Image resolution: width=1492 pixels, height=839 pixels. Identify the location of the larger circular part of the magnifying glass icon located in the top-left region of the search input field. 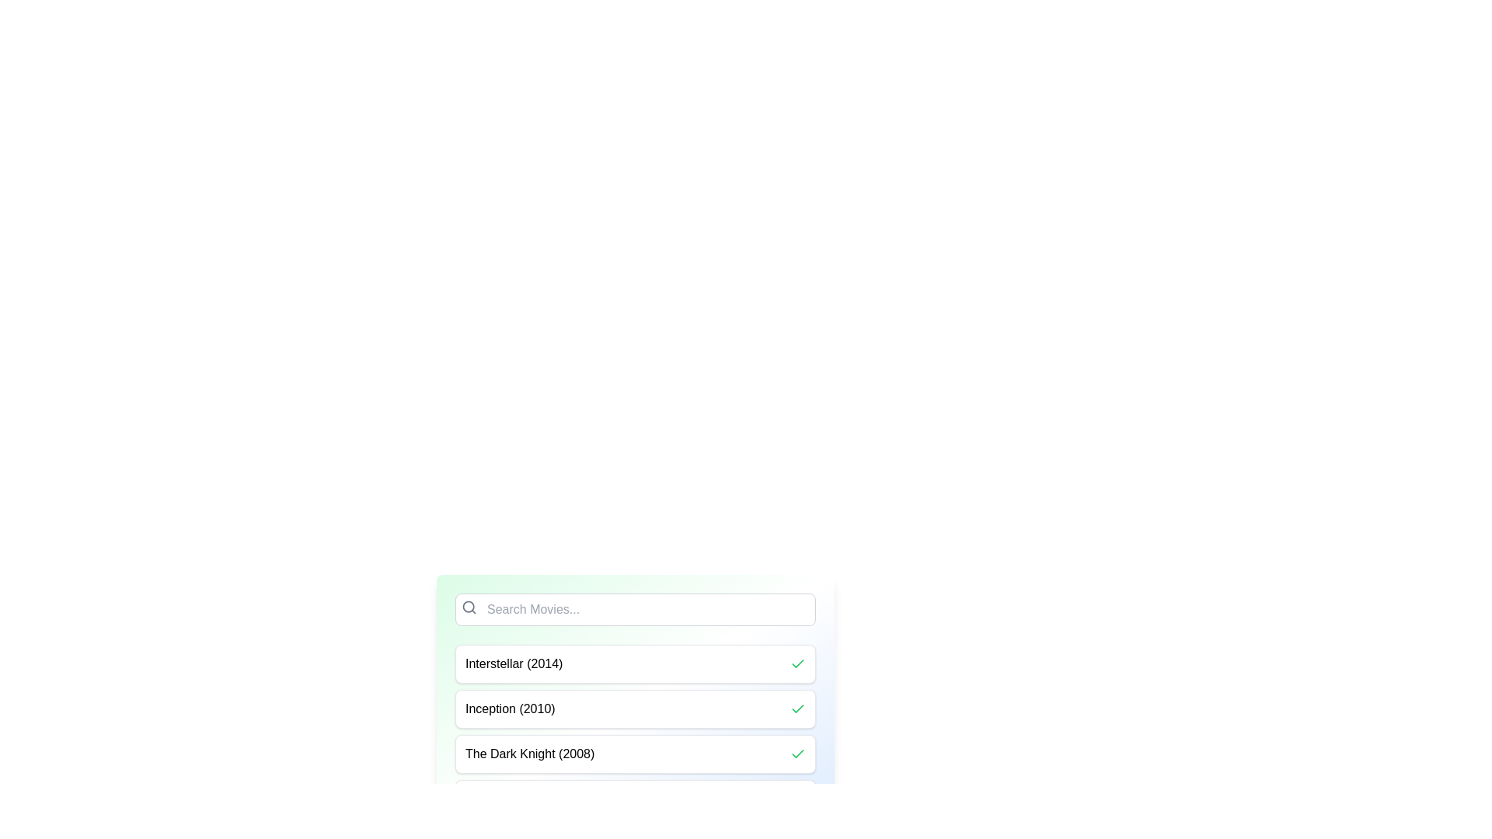
(468, 606).